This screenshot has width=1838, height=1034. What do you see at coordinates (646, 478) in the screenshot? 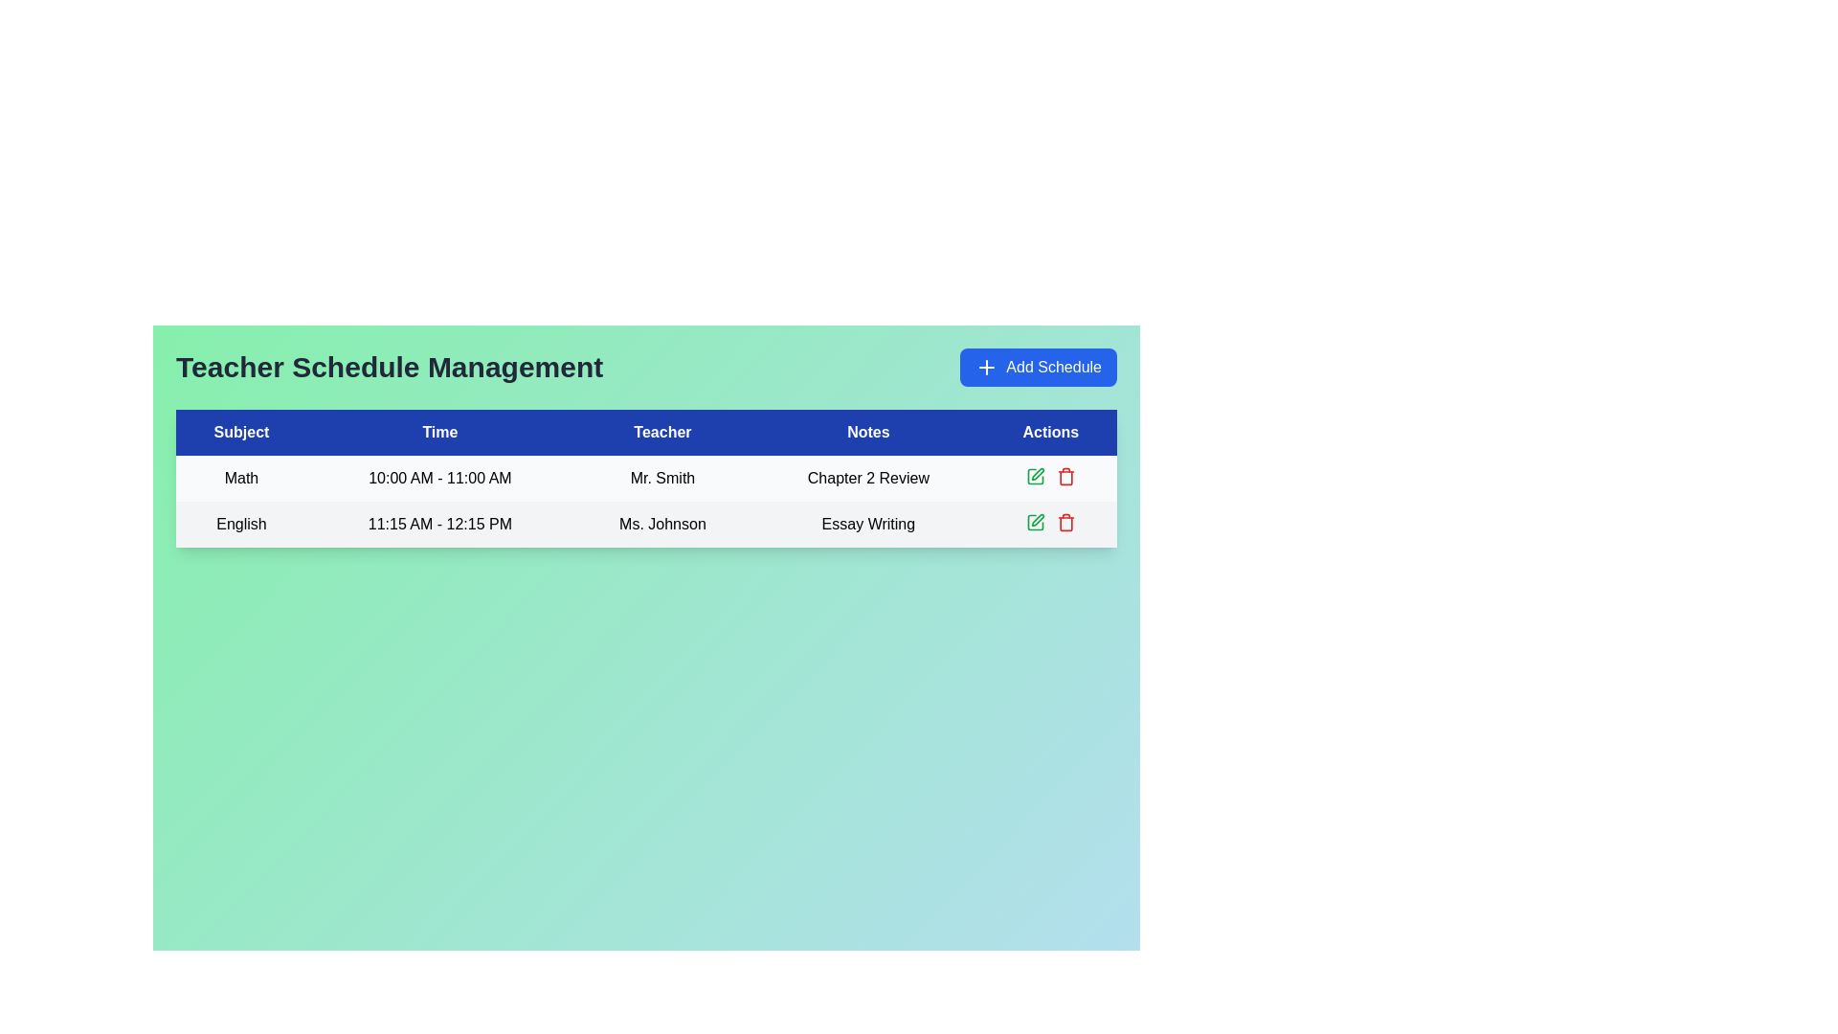
I see `teacher's name displayed as 'Mr. Smith' in the third column of the schedule table under the 'Teacher' header` at bounding box center [646, 478].